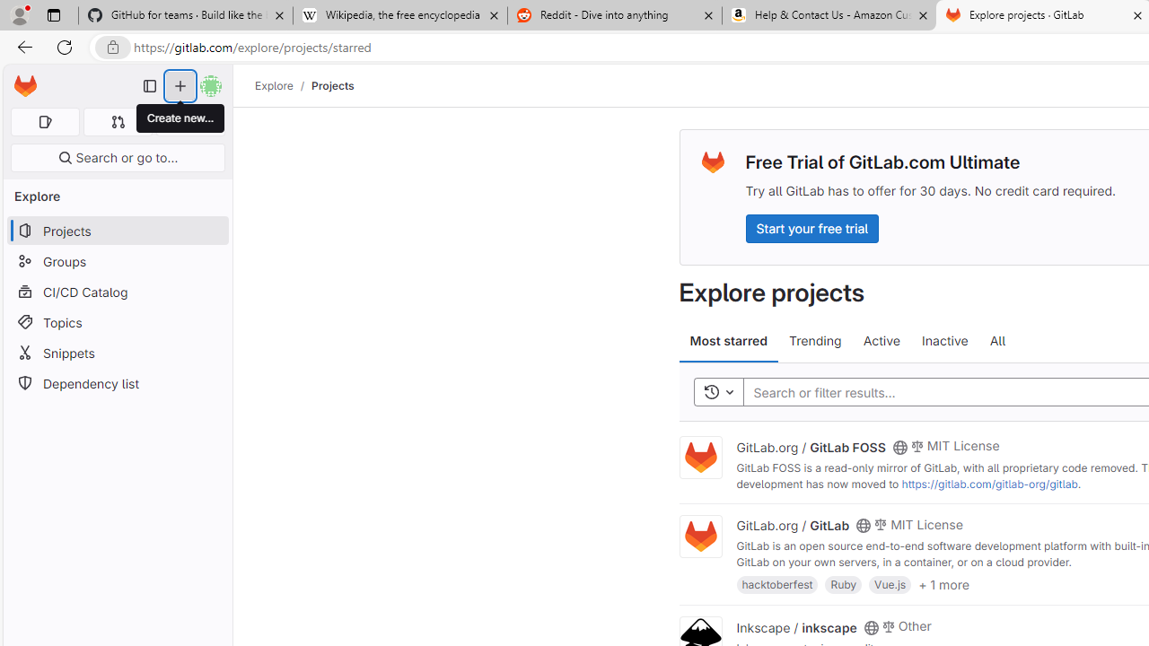  What do you see at coordinates (21, 77) in the screenshot?
I see `'Skip to main content'` at bounding box center [21, 77].